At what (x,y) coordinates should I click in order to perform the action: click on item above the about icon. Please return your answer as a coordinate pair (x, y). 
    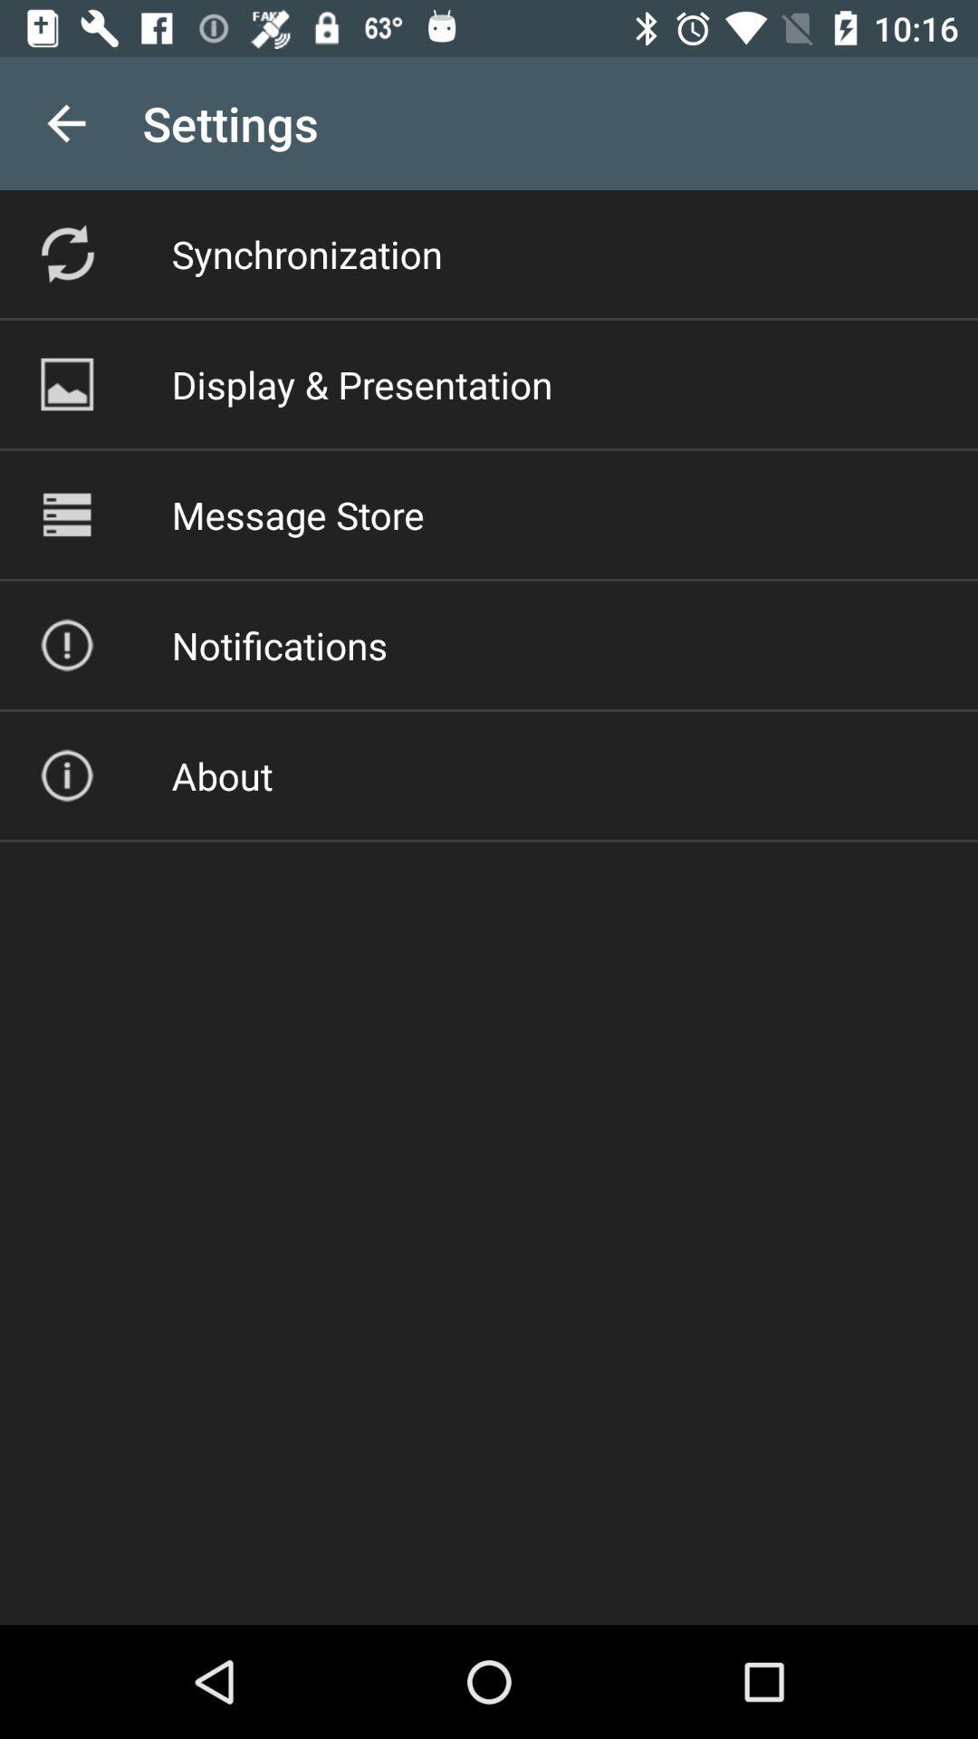
    Looking at the image, I should click on (279, 645).